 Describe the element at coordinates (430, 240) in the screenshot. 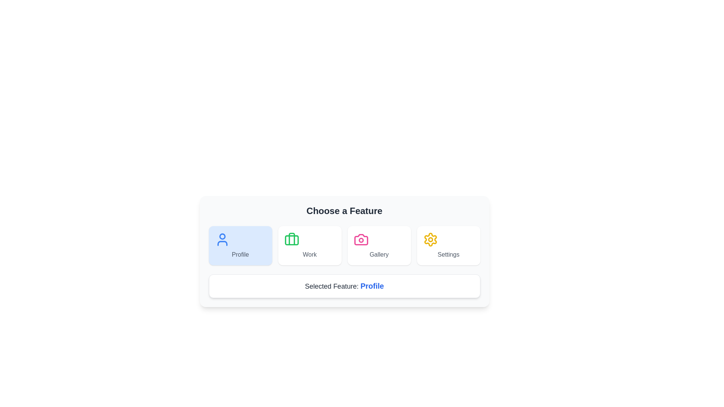

I see `the decorative circle element within the 'Settings' icon, which is the last option in the horizontal arrangement of feature options` at that location.